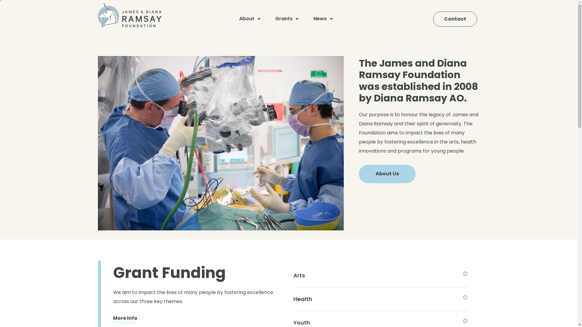 The width and height of the screenshot is (582, 327). What do you see at coordinates (125, 318) in the screenshot?
I see `'More Info'` at bounding box center [125, 318].